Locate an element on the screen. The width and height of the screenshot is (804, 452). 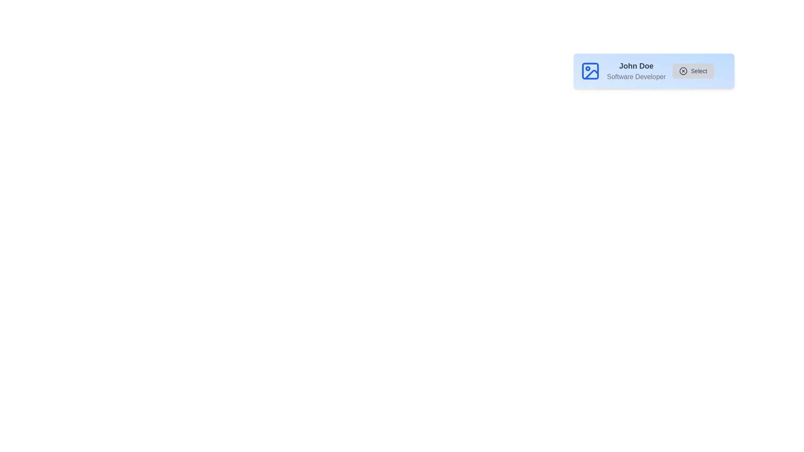
'Select' button to toggle the selection state is located at coordinates (693, 70).